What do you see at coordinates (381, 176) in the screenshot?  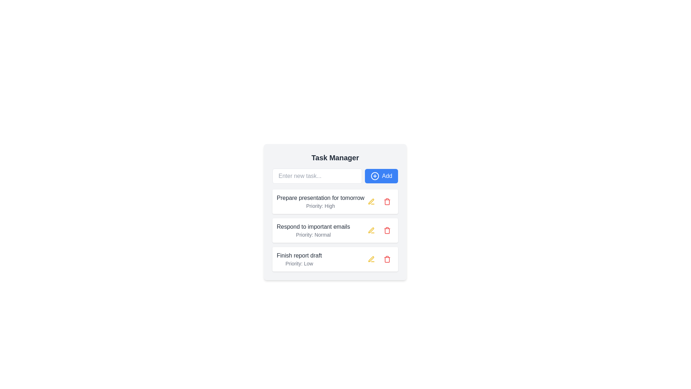 I see `the blue 'Add' button, which is labeled and features a plus sign icon, located to the right of the text input field at the top of the task management interface` at bounding box center [381, 176].